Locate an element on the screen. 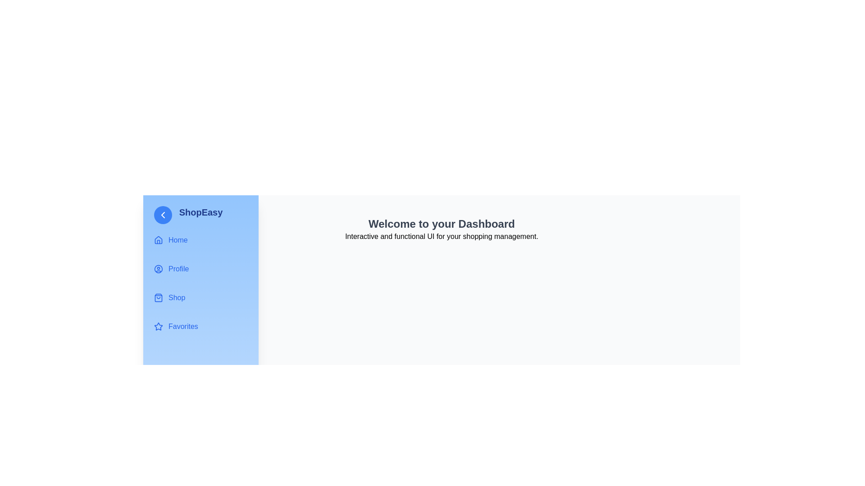  the 'Profile' menu item in the sidebar to activate the hover effect is located at coordinates (200, 268).